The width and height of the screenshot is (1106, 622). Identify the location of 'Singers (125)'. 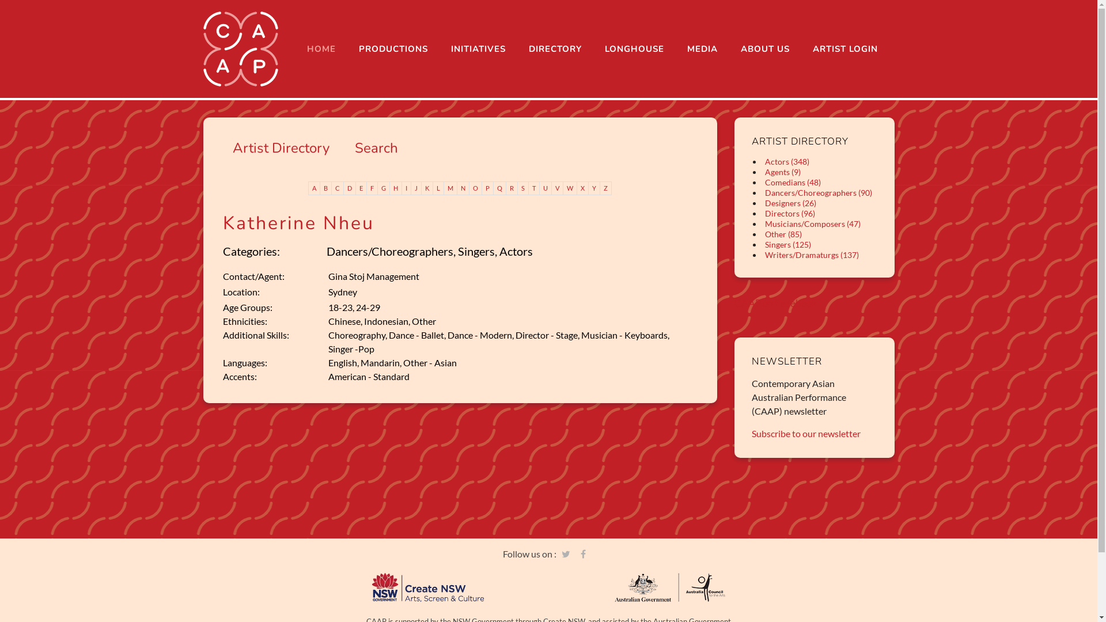
(787, 244).